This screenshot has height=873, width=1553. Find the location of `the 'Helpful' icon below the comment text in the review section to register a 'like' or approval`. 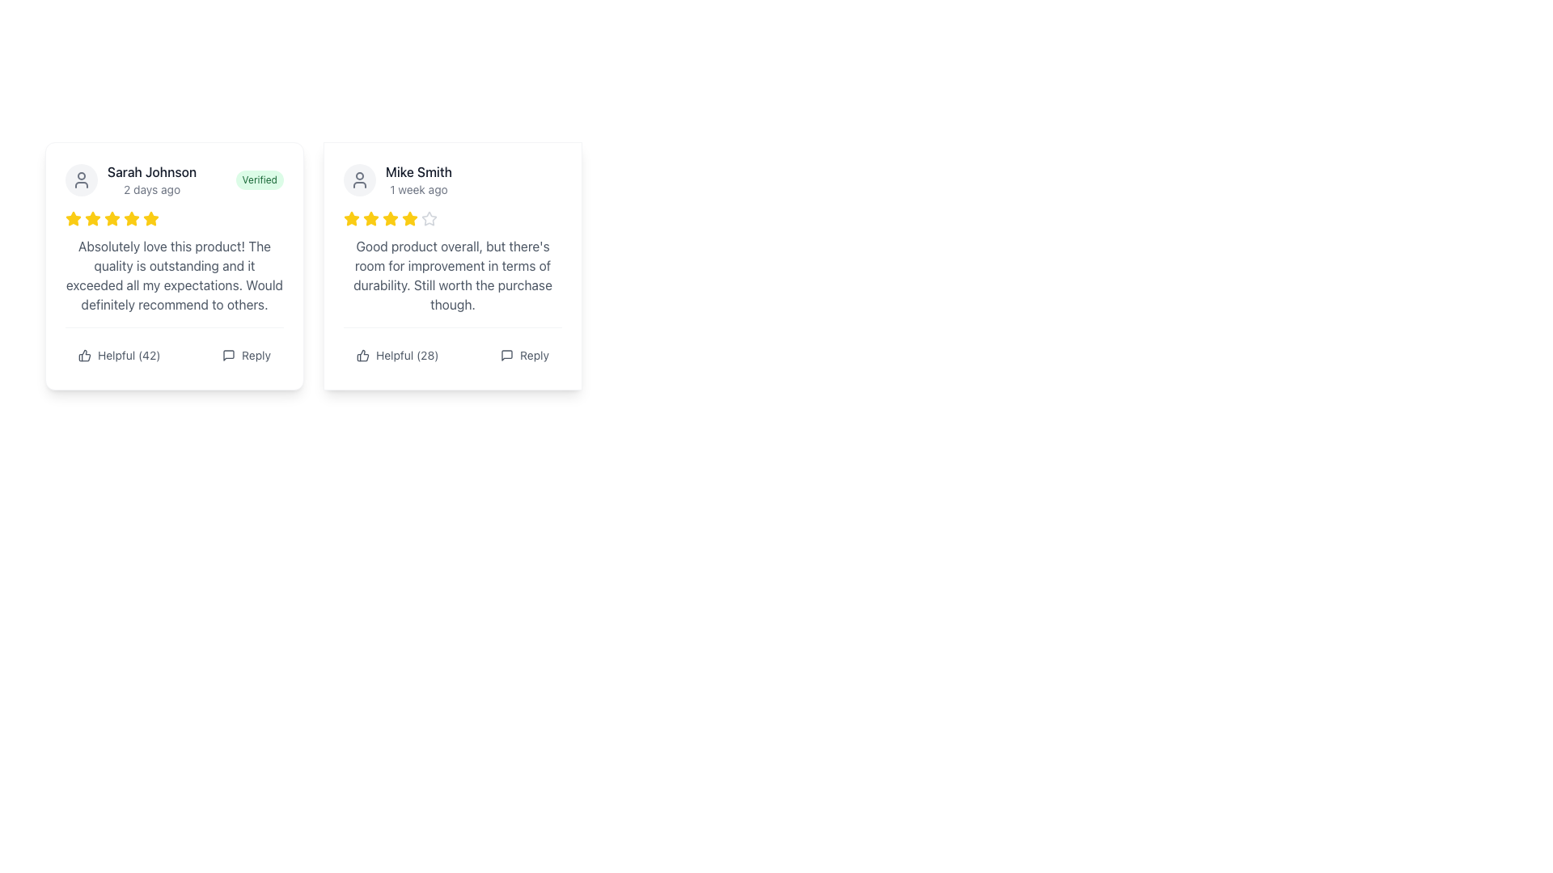

the 'Helpful' icon below the comment text in the review section to register a 'like' or approval is located at coordinates (84, 354).